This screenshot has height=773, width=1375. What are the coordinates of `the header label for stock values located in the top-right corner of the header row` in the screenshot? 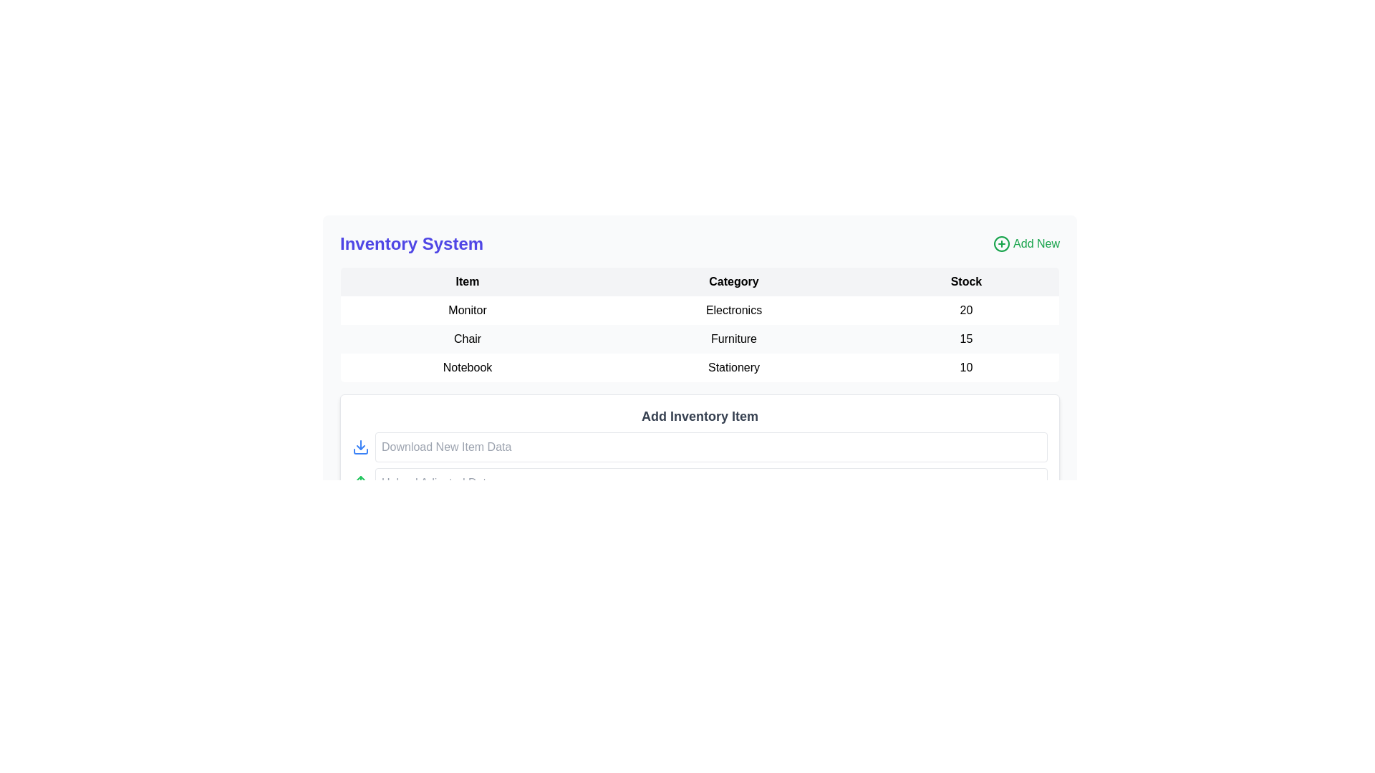 It's located at (966, 281).